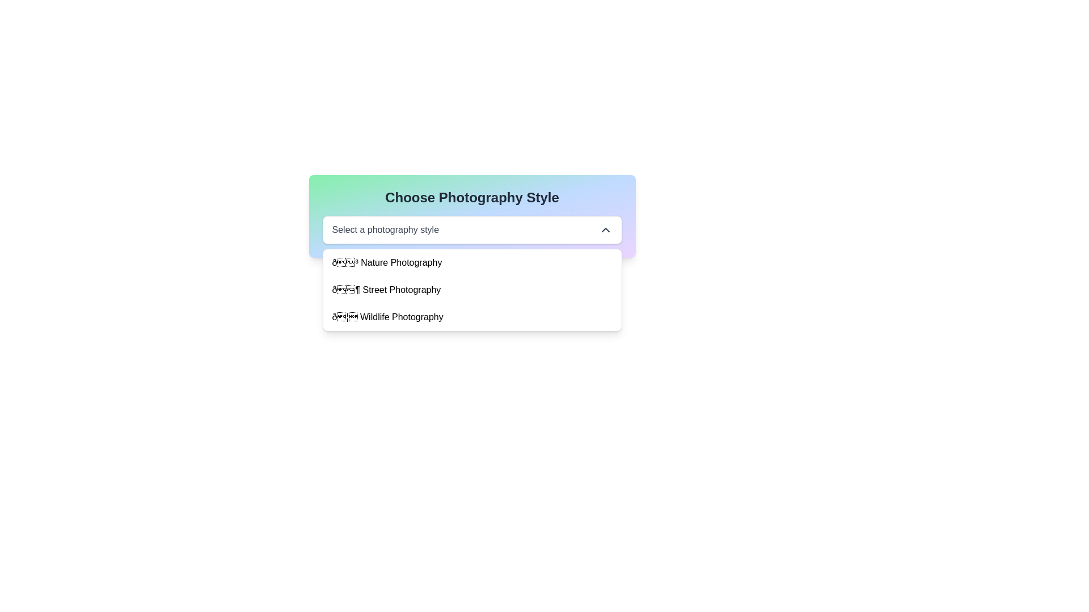 Image resolution: width=1089 pixels, height=612 pixels. What do you see at coordinates (472, 262) in the screenshot?
I see `the first item in the dropdown list labeled '🌳 Nature Photography'` at bounding box center [472, 262].